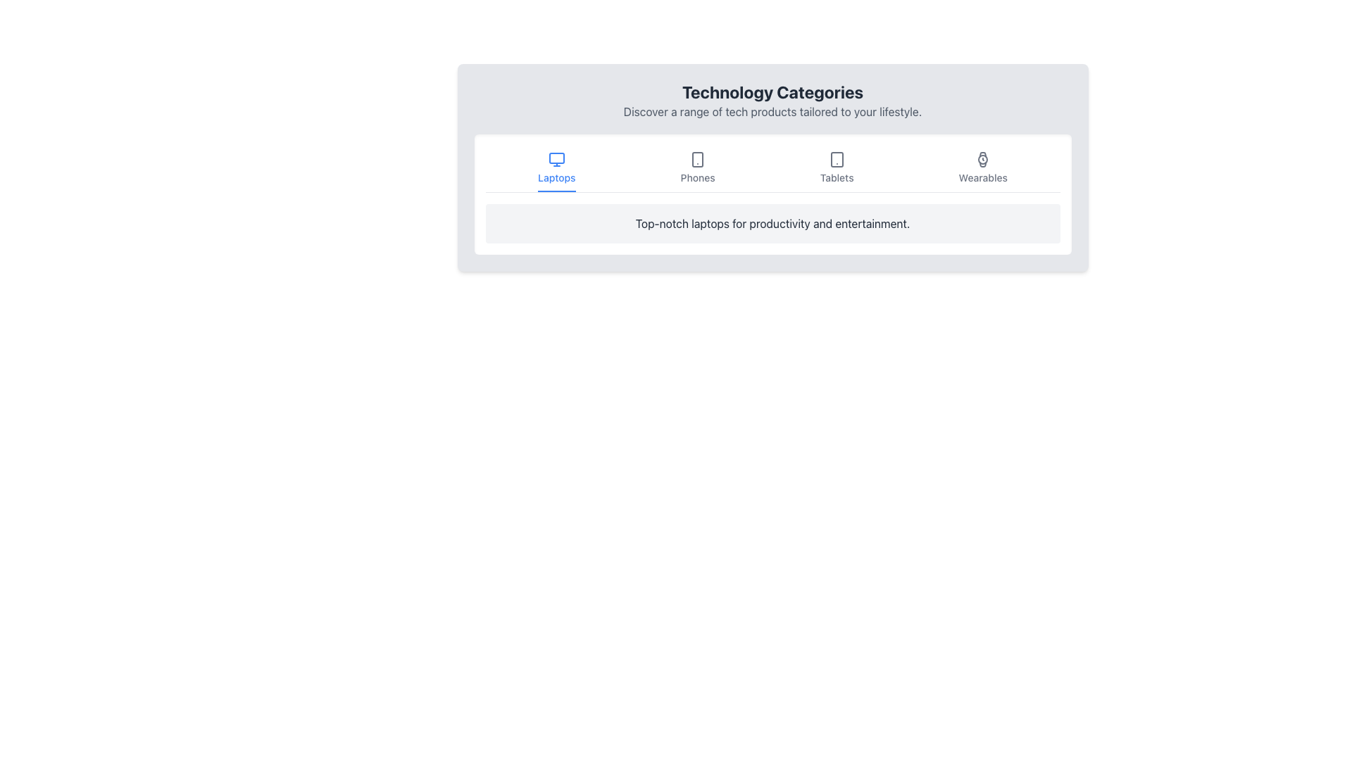 This screenshot has width=1352, height=760. I want to click on to select the 'Phones' category in the menu, which is identified by its position as the second item from the left below the smartphone icon, so click(698, 177).